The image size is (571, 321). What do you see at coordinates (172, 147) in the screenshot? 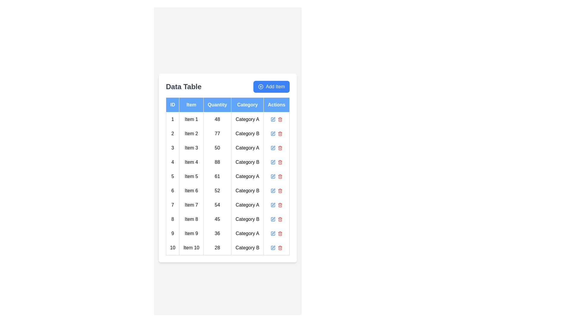
I see `the text label` at bounding box center [172, 147].